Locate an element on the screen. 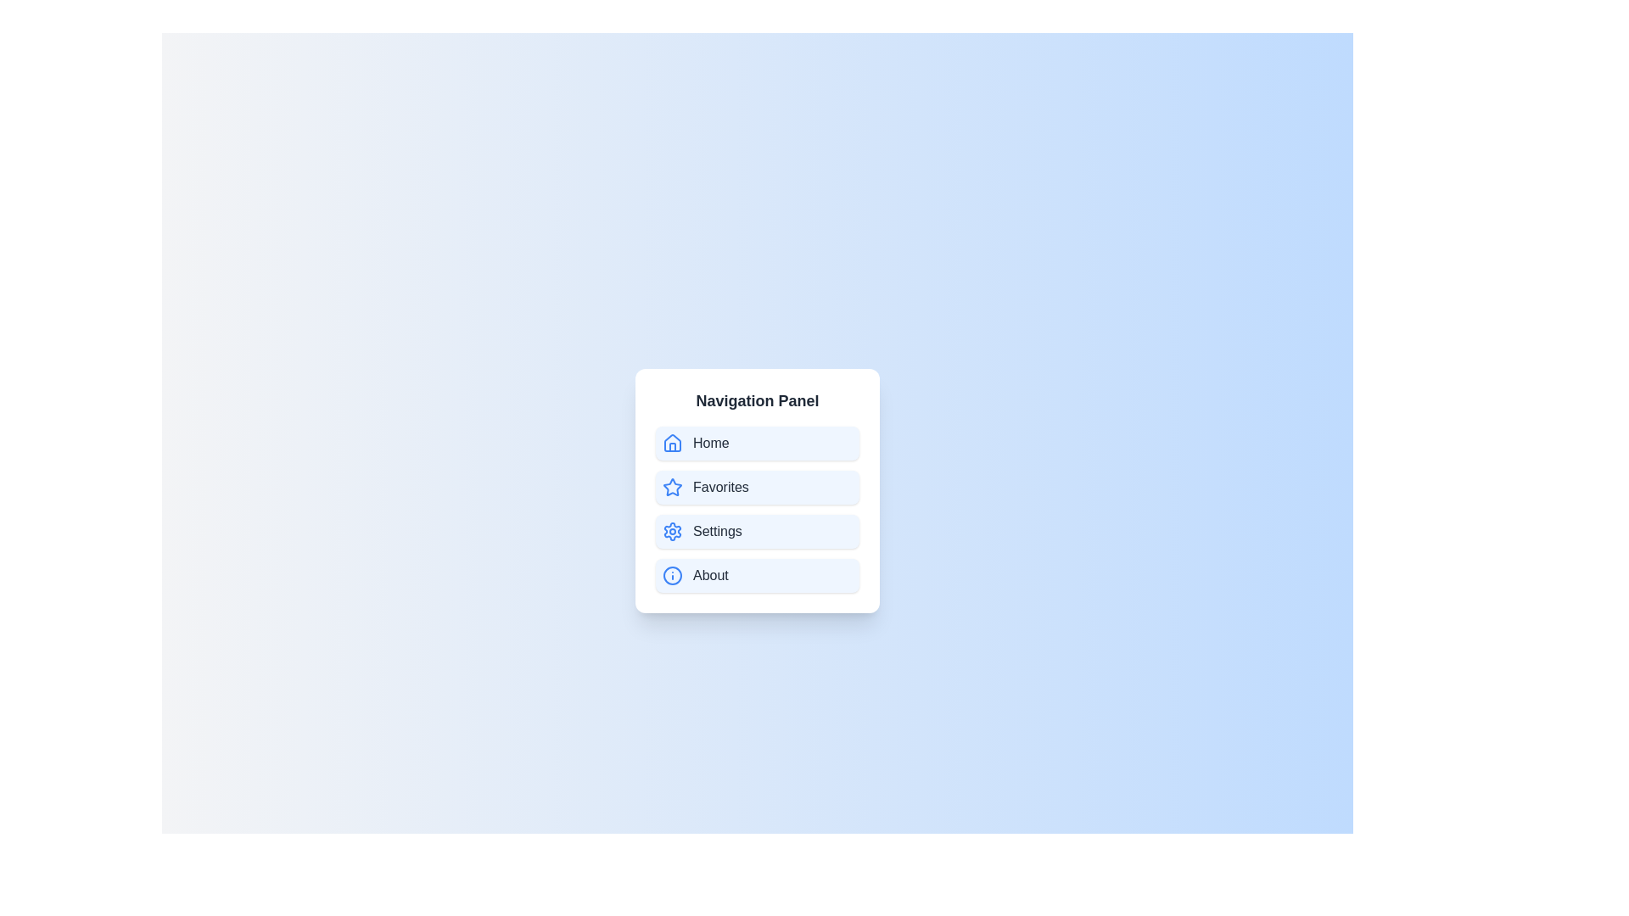  the 'About' icon located to the left of the 'About' text in the bottom-most item of the vertical navigation menu is located at coordinates (671, 574).